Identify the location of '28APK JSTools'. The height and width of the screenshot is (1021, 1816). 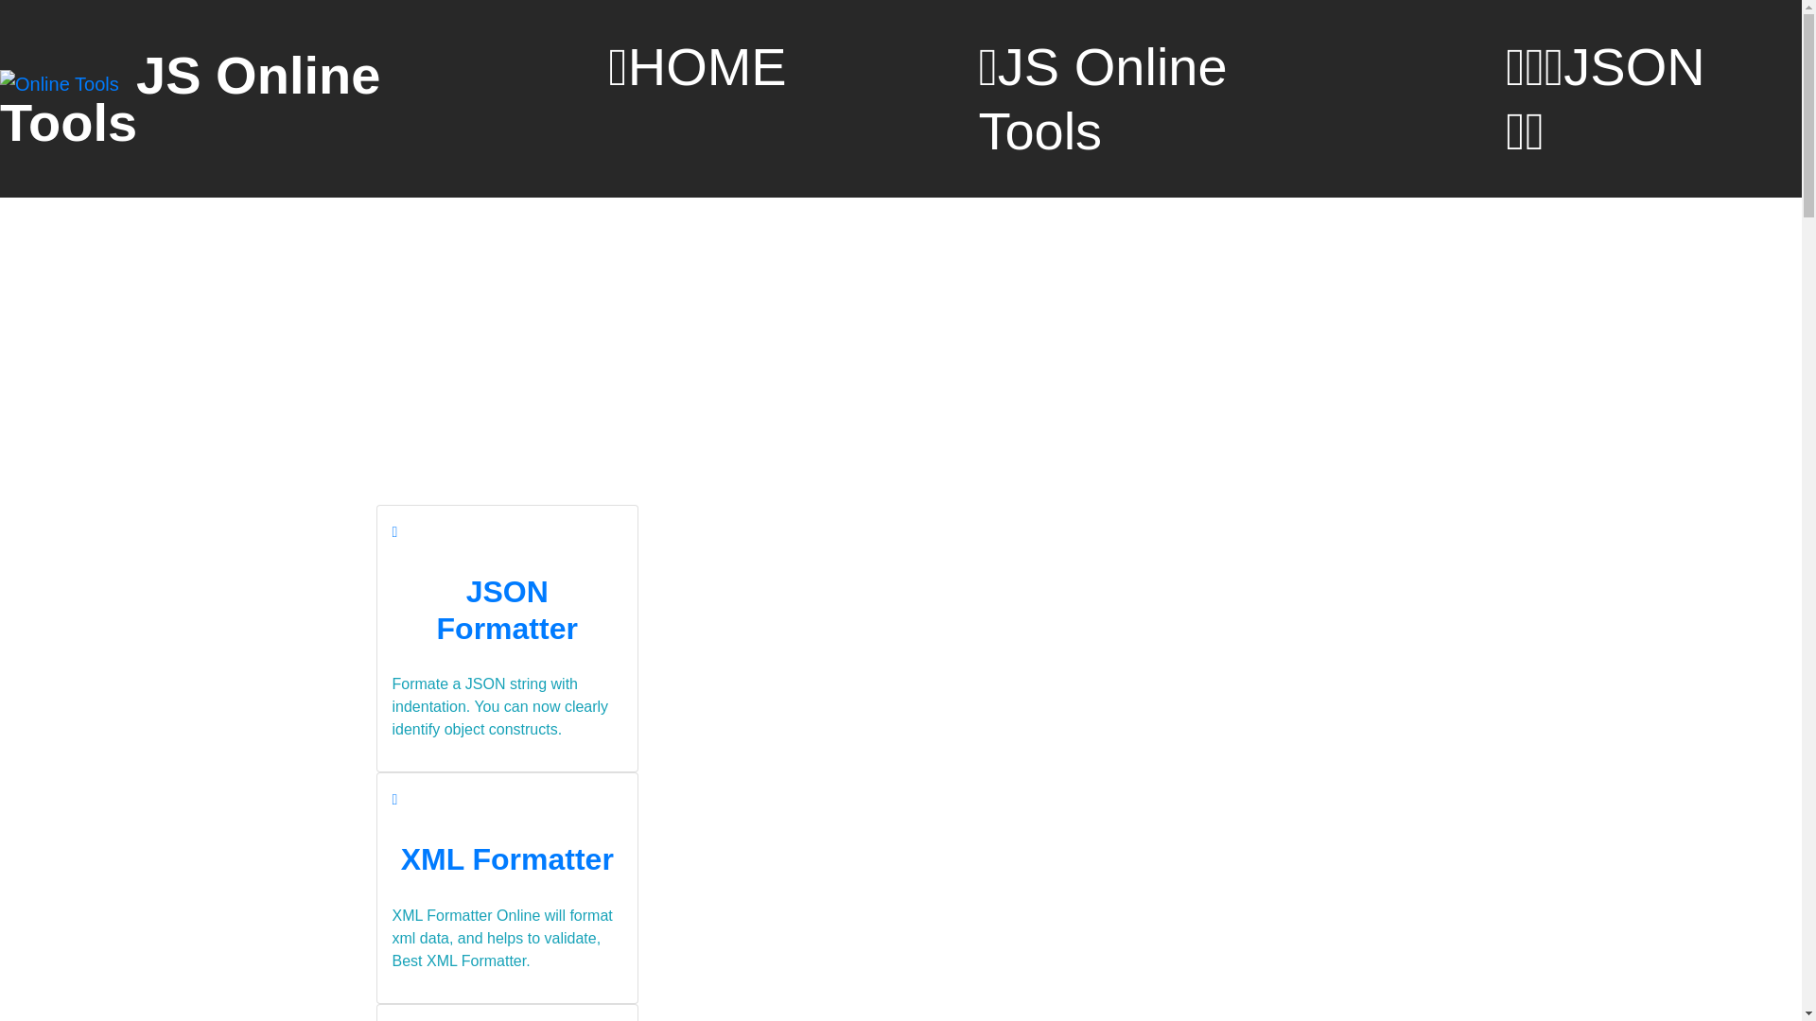
(61, 82).